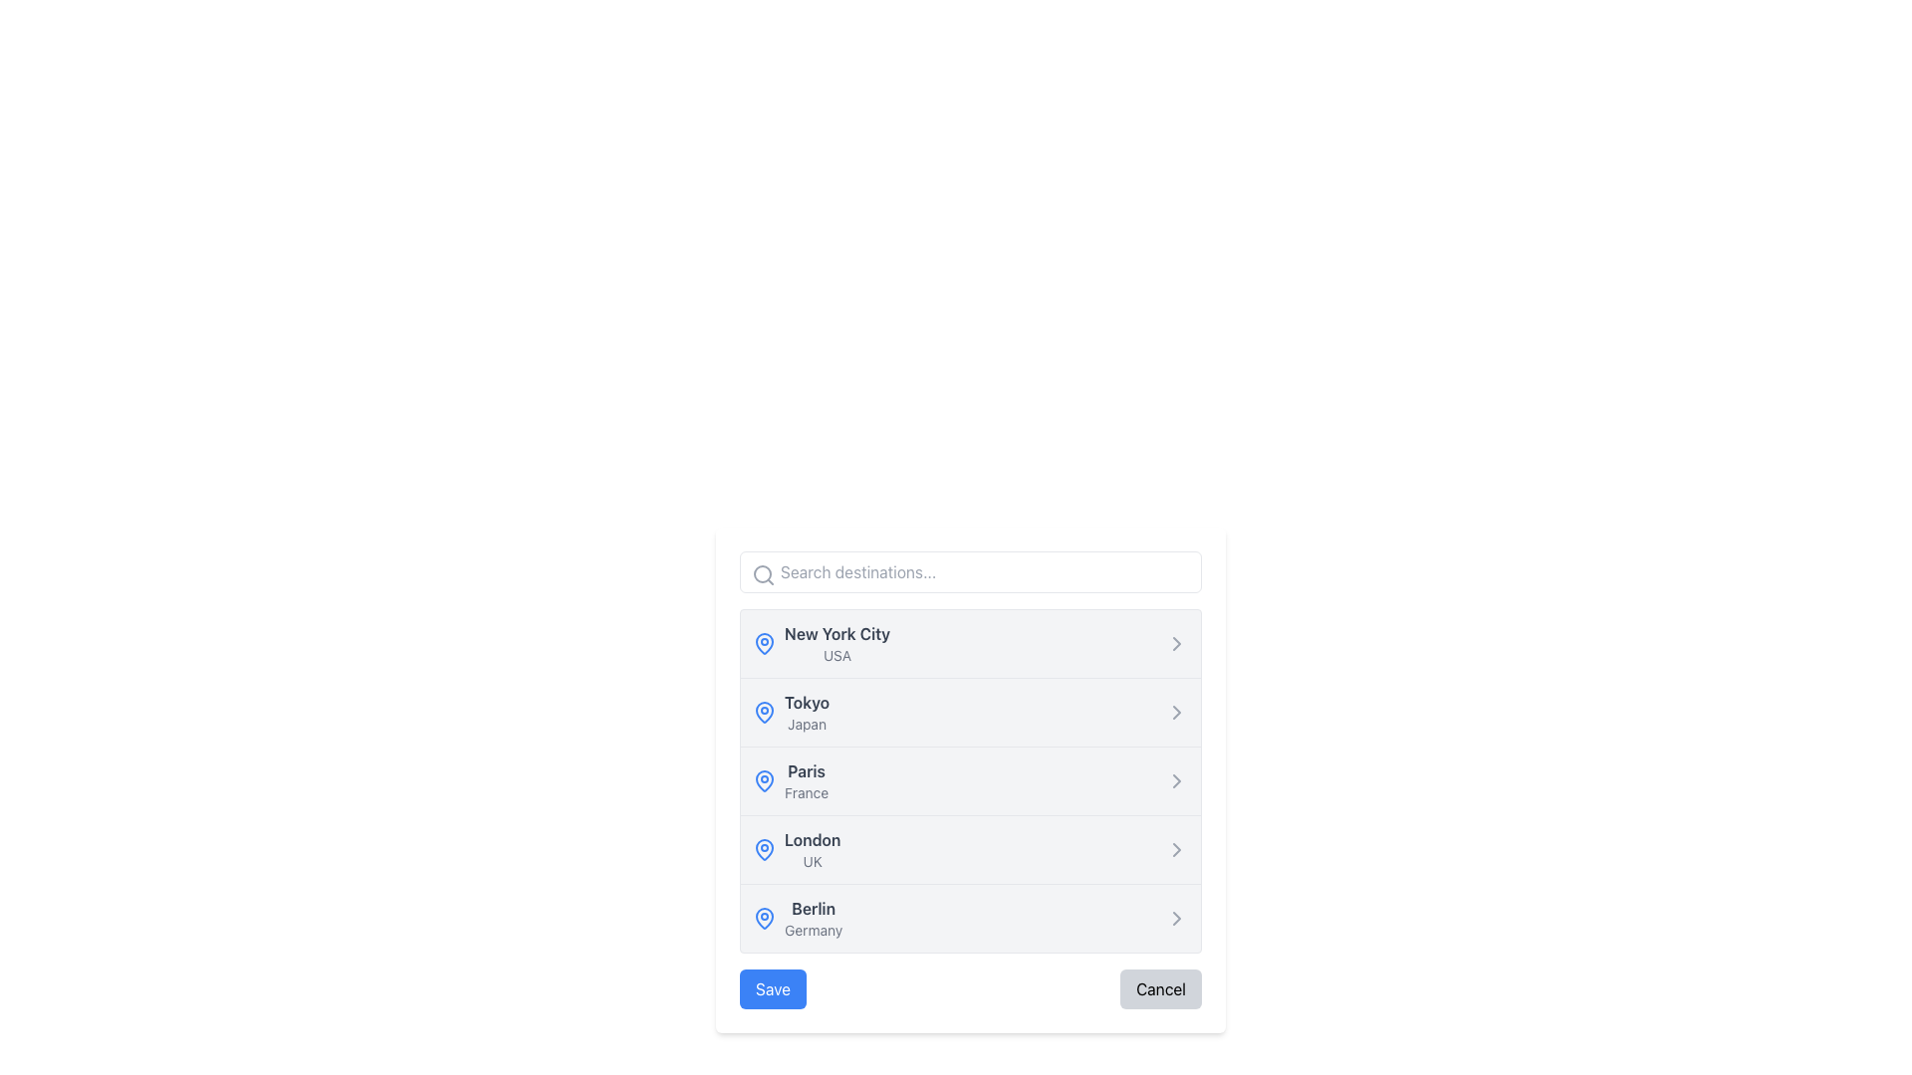 Image resolution: width=1912 pixels, height=1075 pixels. Describe the element at coordinates (814, 930) in the screenshot. I see `the text label displaying 'Germany', which is a smaller gray font positioned below the prominently styled 'Berlin' text in a vertical list` at that location.